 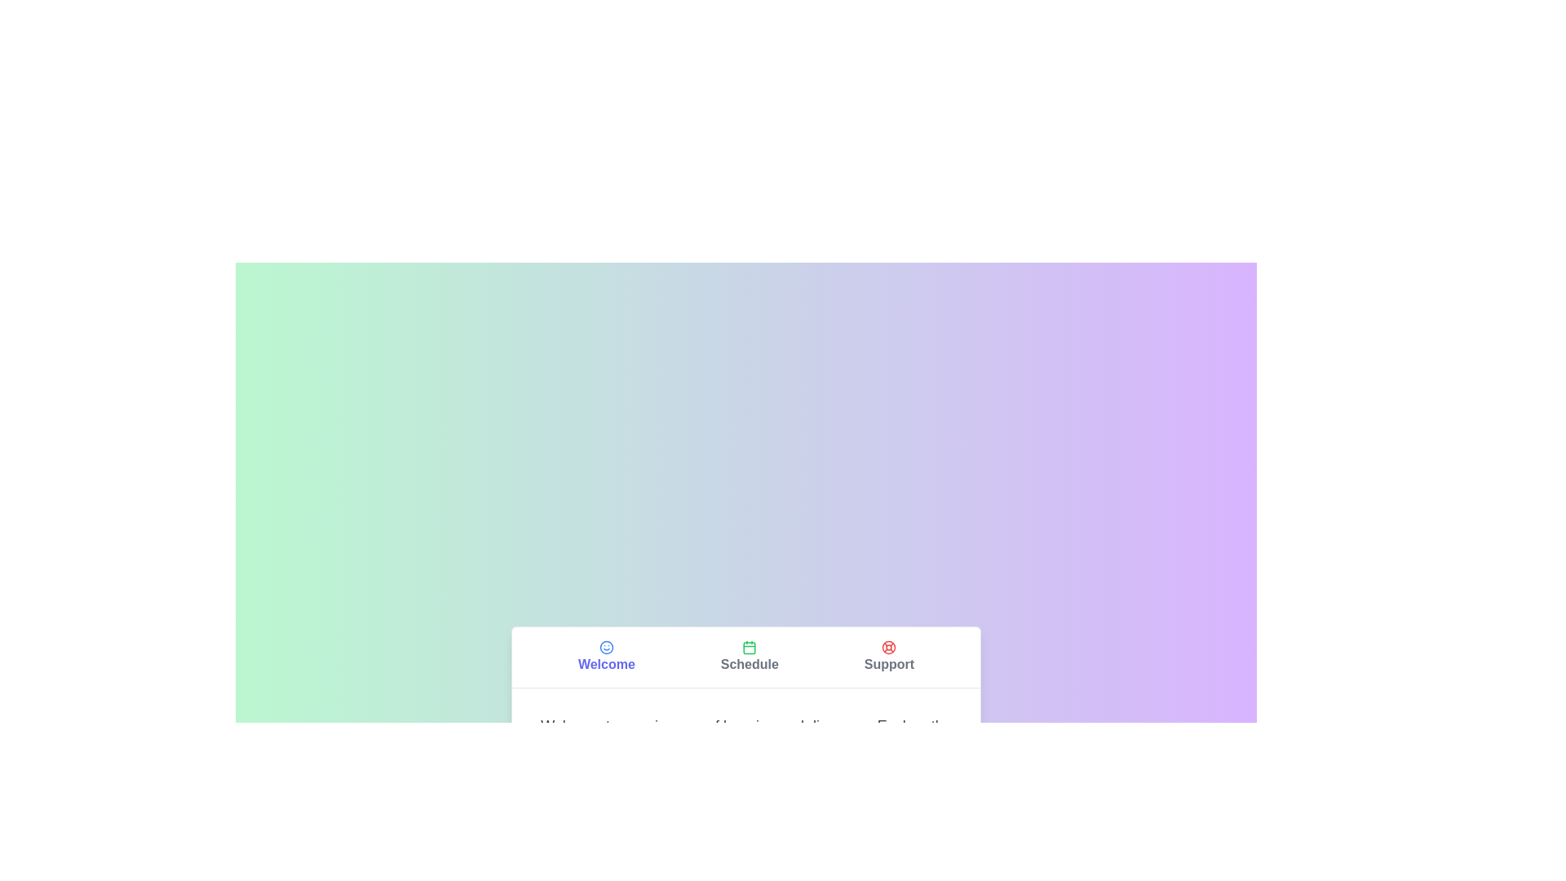 I want to click on the tab labeled Schedule to observe the visual transition, so click(x=749, y=656).